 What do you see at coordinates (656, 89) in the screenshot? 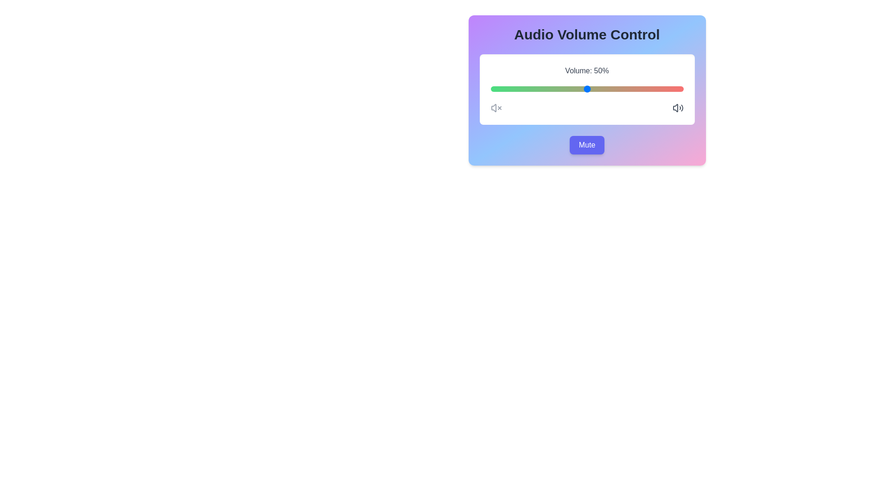
I see `the volume slider to 86%` at bounding box center [656, 89].